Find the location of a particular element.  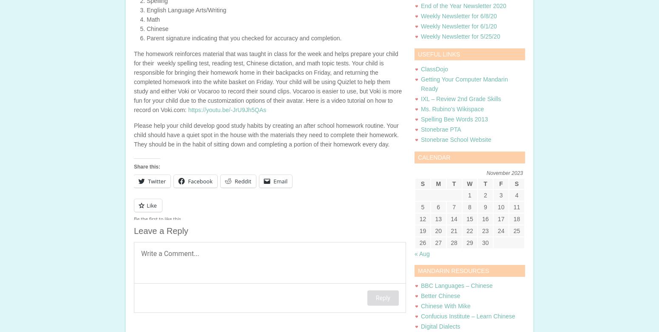

'Weekly Newsletter for 6/8/20' is located at coordinates (458, 16).